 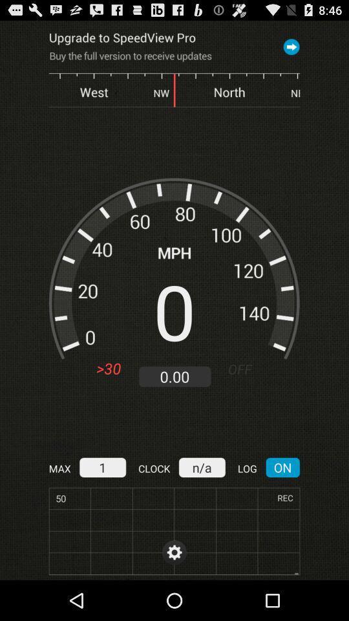 I want to click on the >30 app, so click(x=108, y=369).